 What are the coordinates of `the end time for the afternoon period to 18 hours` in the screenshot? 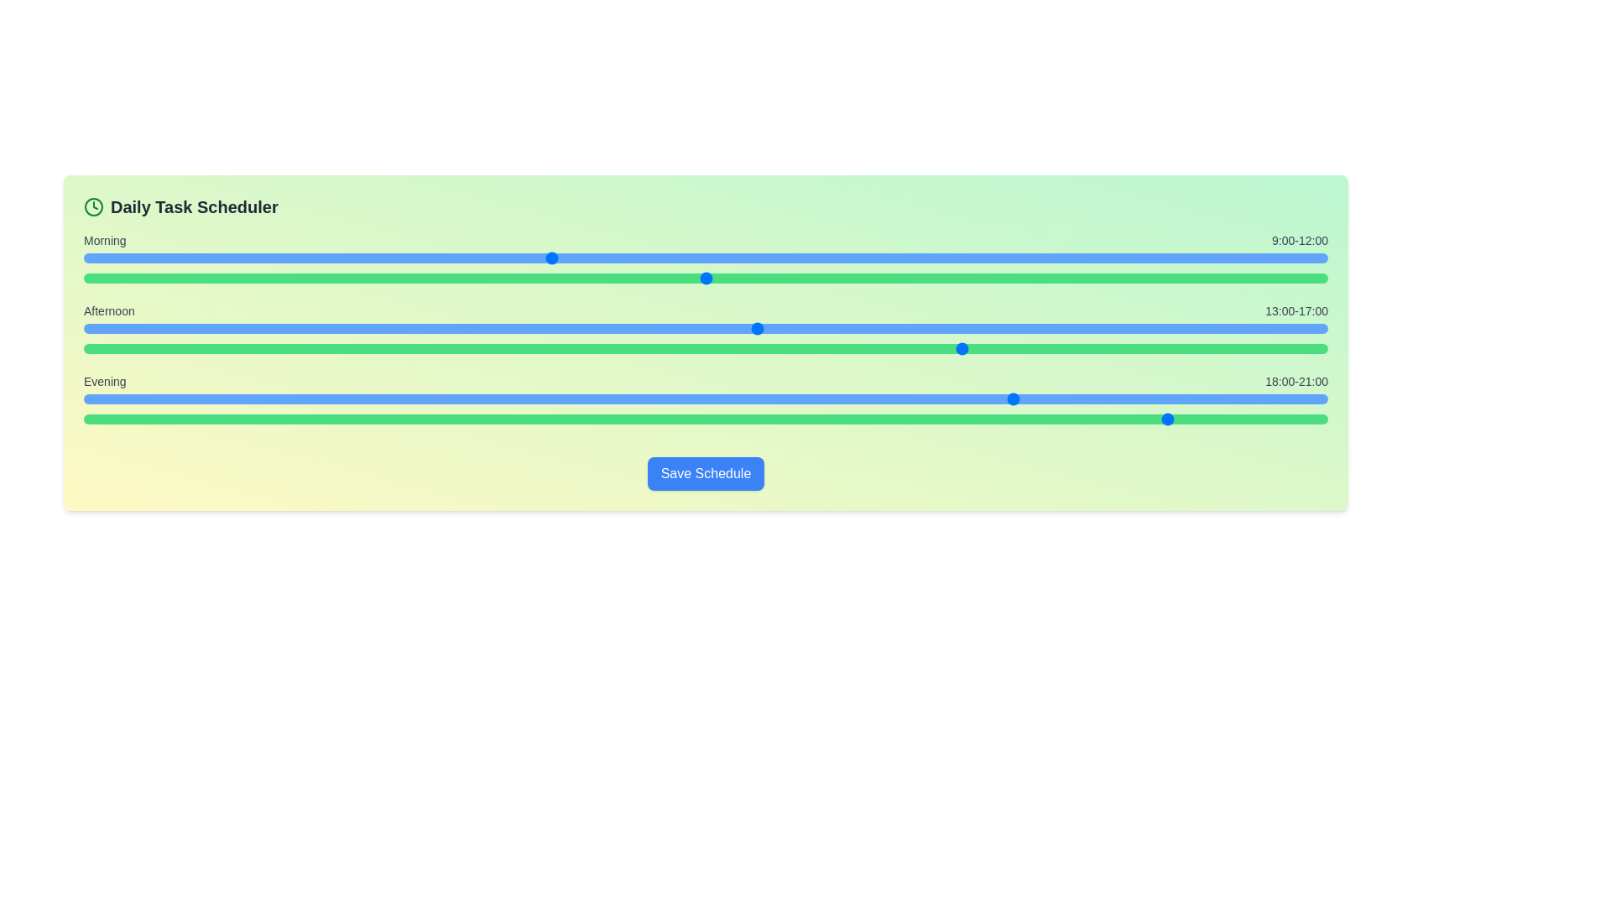 It's located at (649, 348).